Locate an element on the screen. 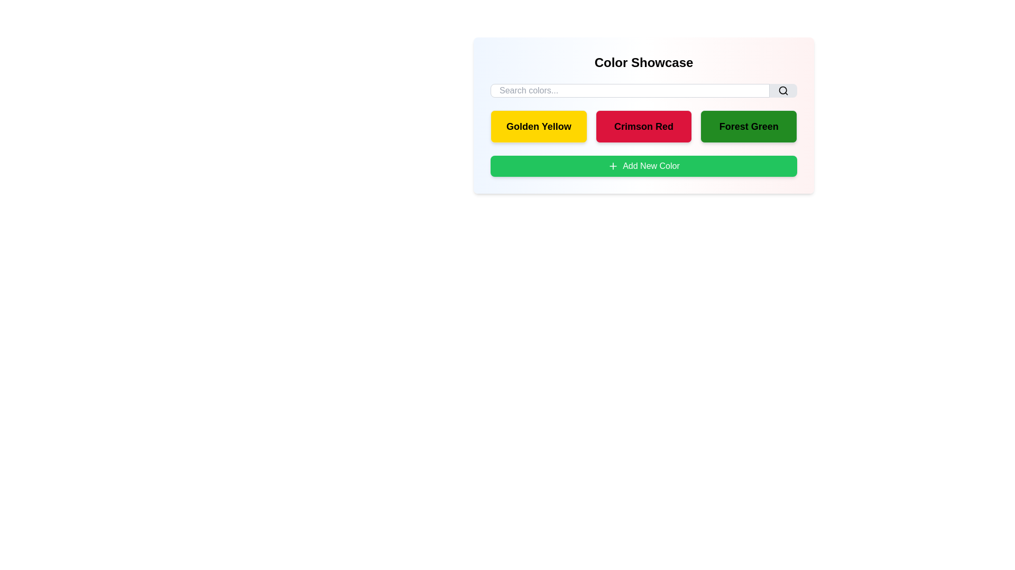 The width and height of the screenshot is (1015, 570). the 'Golden Yellow' button, which is a rectangular button with a rounded border and a yellow background, located in the upper section of the interface is located at coordinates (539, 126).